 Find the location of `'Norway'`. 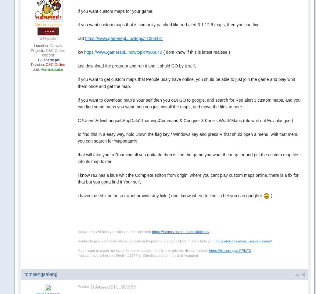

'Norway' is located at coordinates (56, 45).